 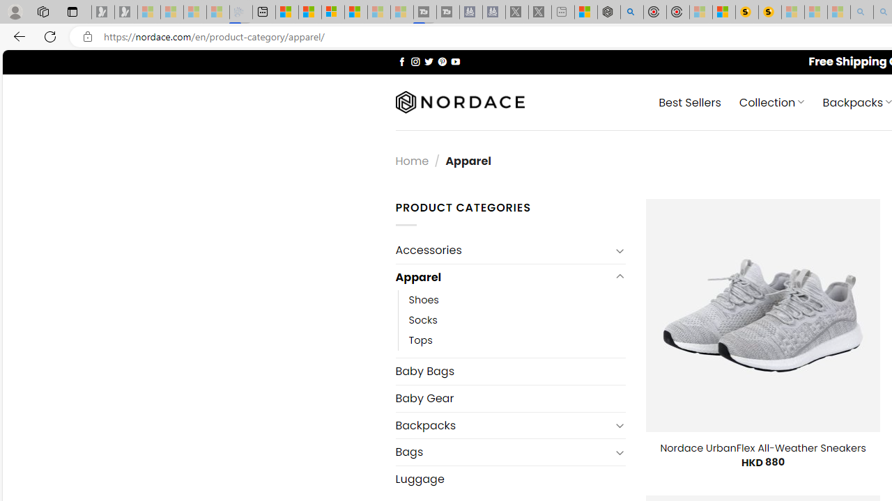 I want to click on 'Overview', so click(x=332, y=12).